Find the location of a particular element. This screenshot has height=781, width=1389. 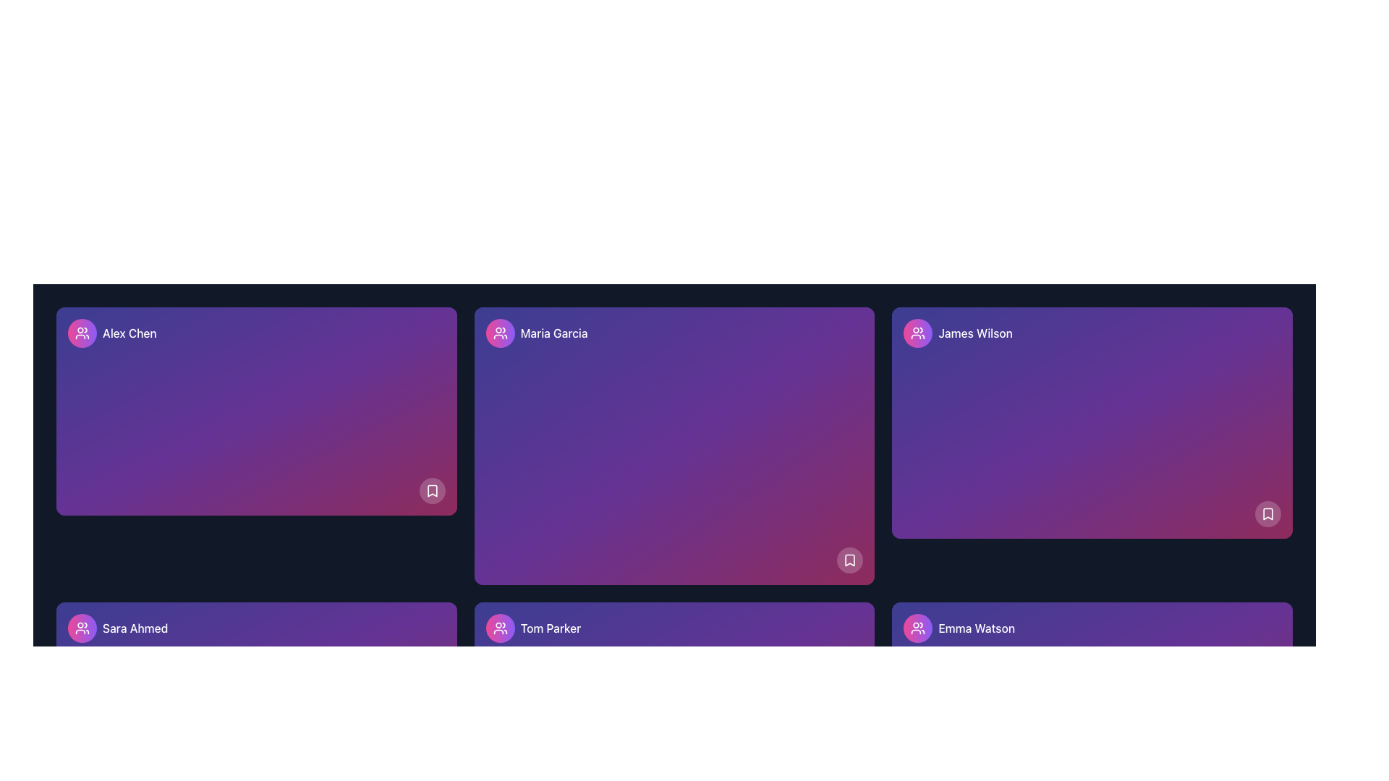

the icon representing two user figures in white color, located within a circular button with a pink to violet gradient background, situated near the top-left corner of a larger rectangular card is located at coordinates (500, 333).